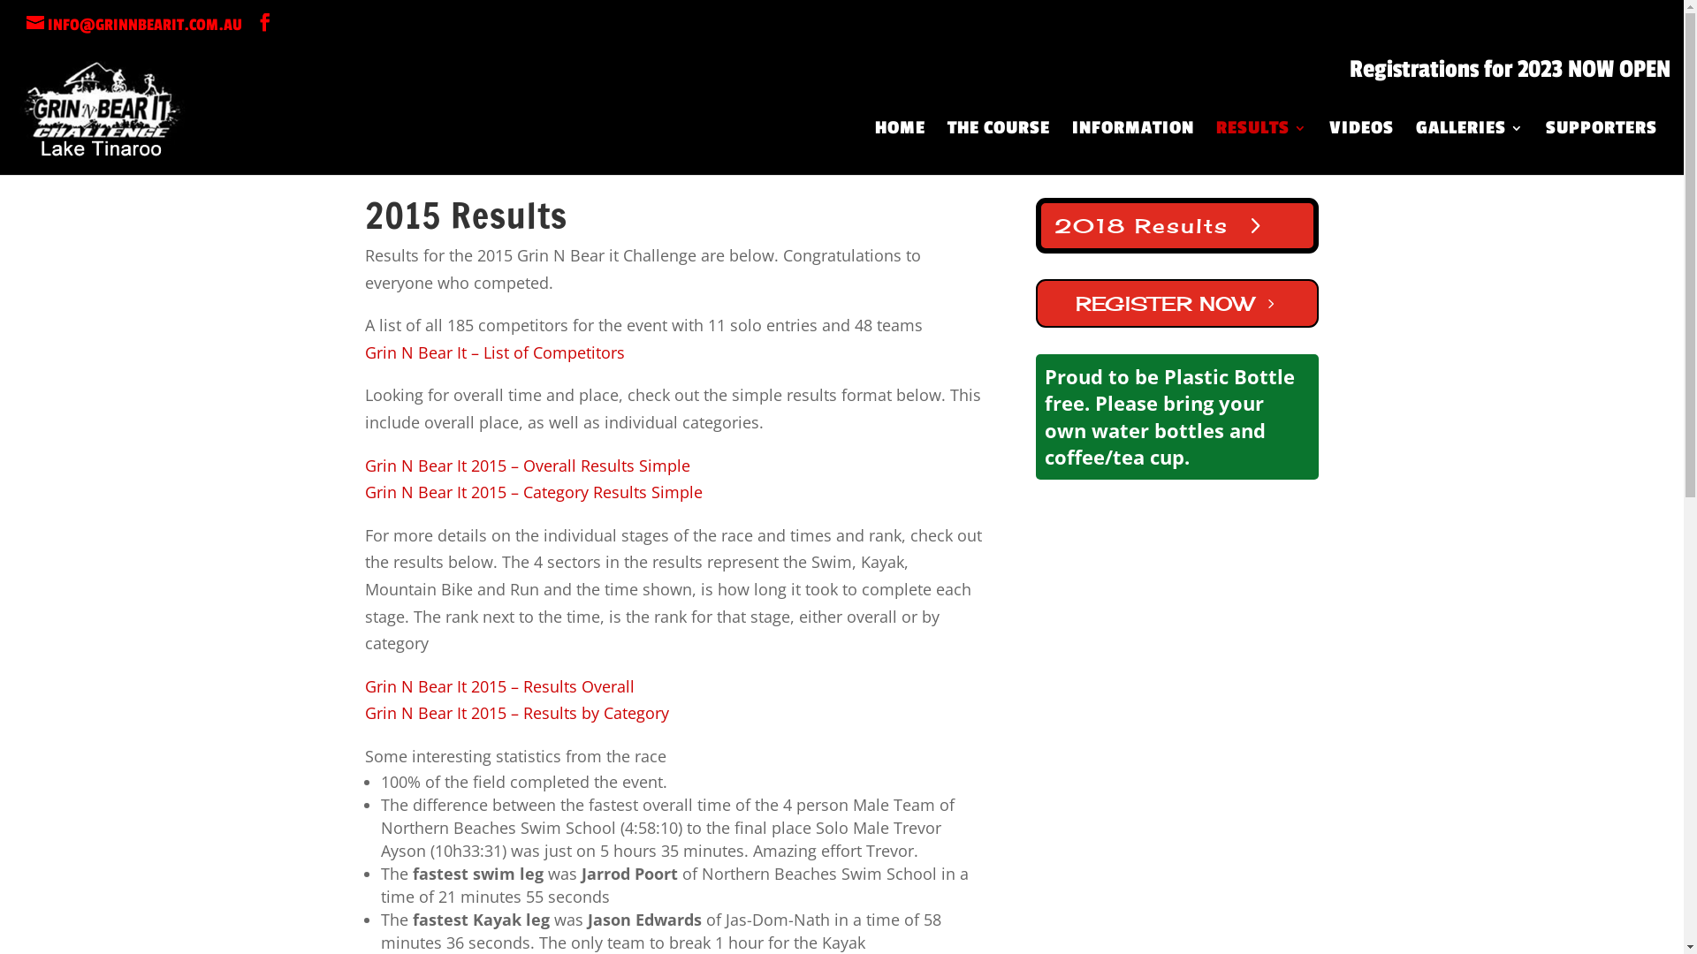 The width and height of the screenshot is (1697, 954). Describe the element at coordinates (1469, 148) in the screenshot. I see `'GALLERIES'` at that location.